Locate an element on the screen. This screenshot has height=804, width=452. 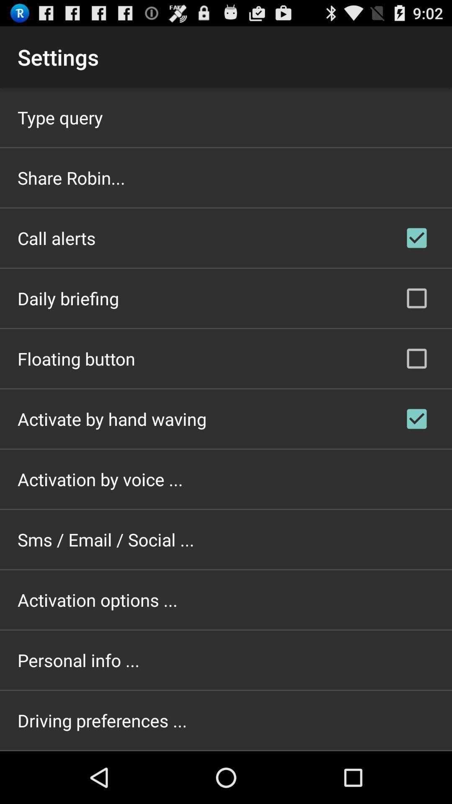
the icon above daily briefing icon is located at coordinates (56, 237).